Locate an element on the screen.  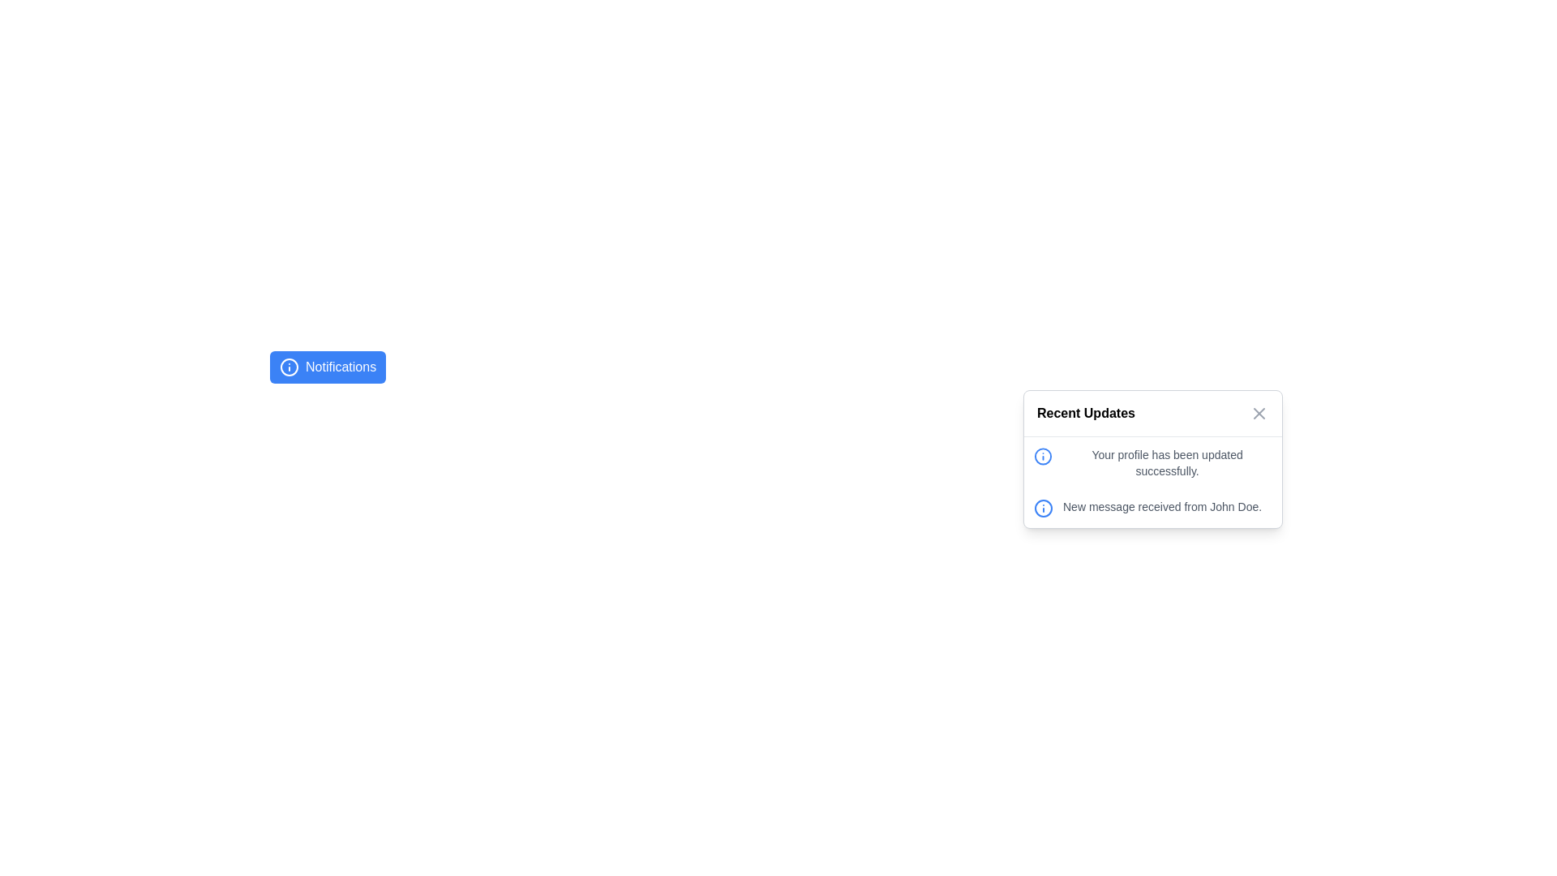
the Decorative graphic element (circle) with a blue outline and white fill, located at the center of the Notifications icon is located at coordinates (1043, 457).